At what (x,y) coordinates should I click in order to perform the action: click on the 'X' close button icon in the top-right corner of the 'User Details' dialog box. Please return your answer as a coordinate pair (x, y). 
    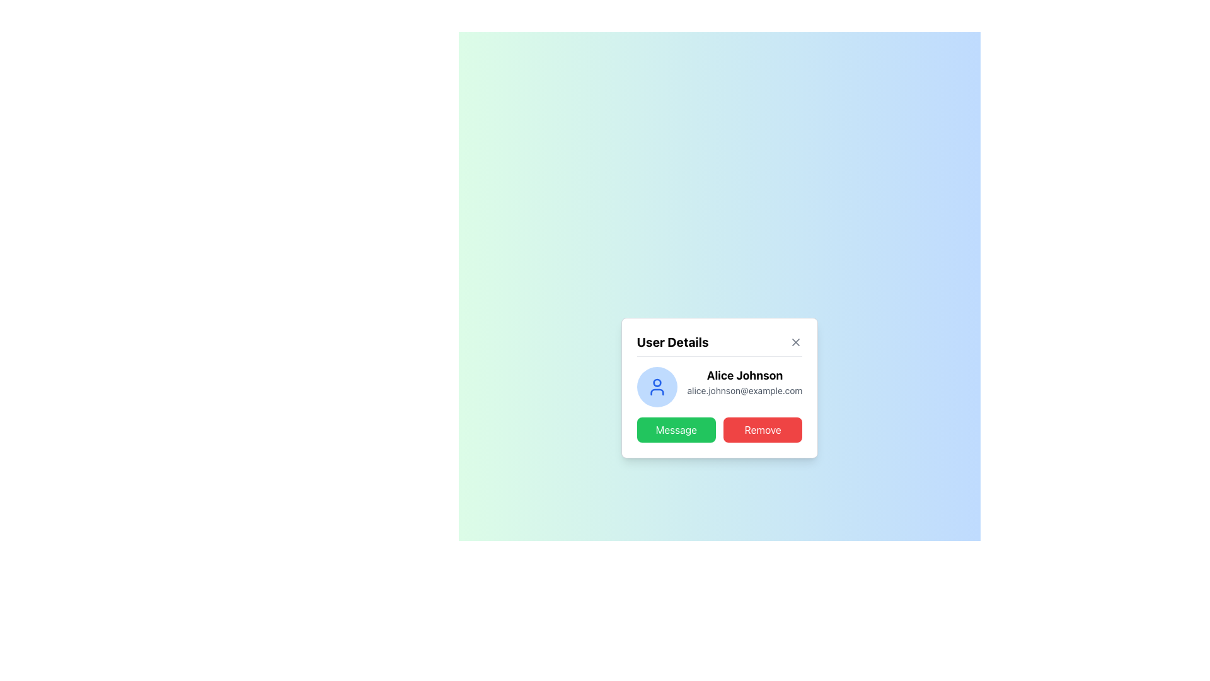
    Looking at the image, I should click on (795, 342).